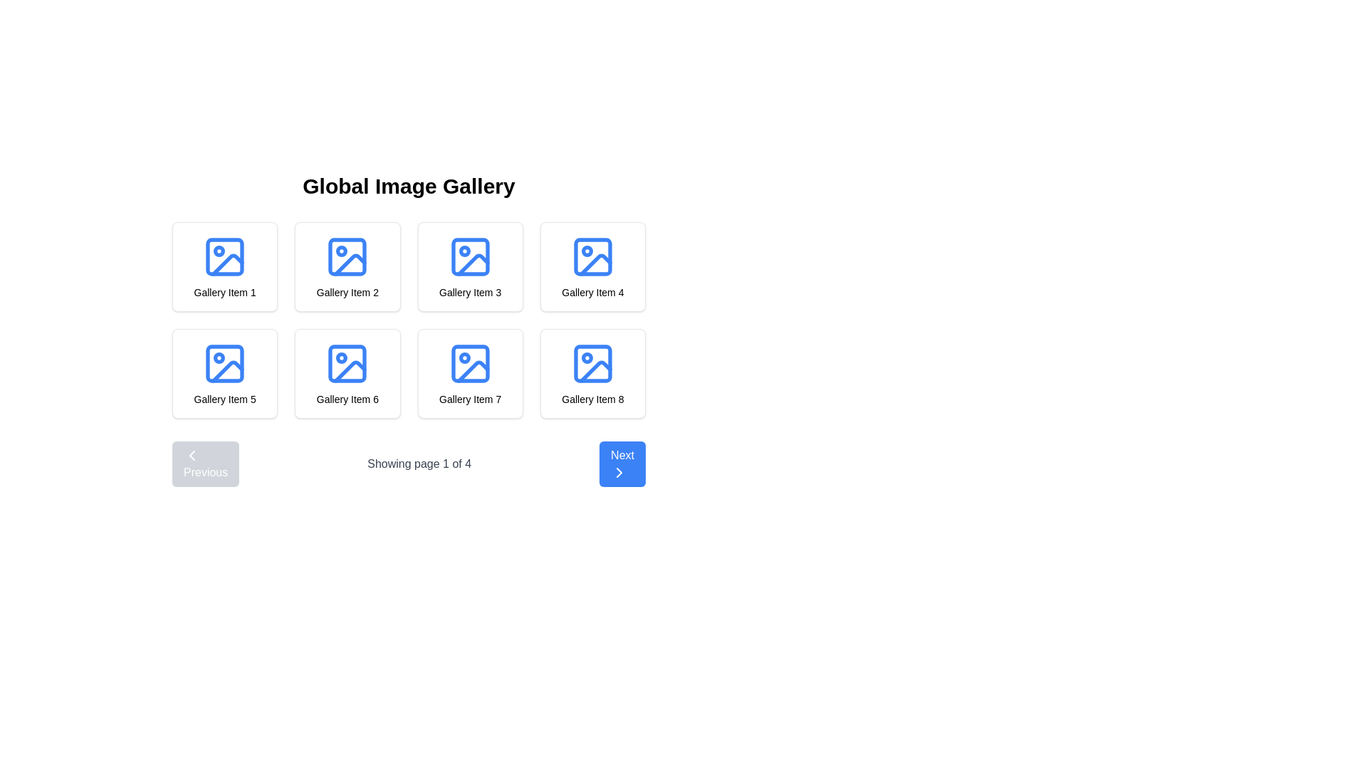  I want to click on the non-interactive icon representing 'Gallery Item 4' located in the fourth column of the top row in the grid layout, so click(592, 257).